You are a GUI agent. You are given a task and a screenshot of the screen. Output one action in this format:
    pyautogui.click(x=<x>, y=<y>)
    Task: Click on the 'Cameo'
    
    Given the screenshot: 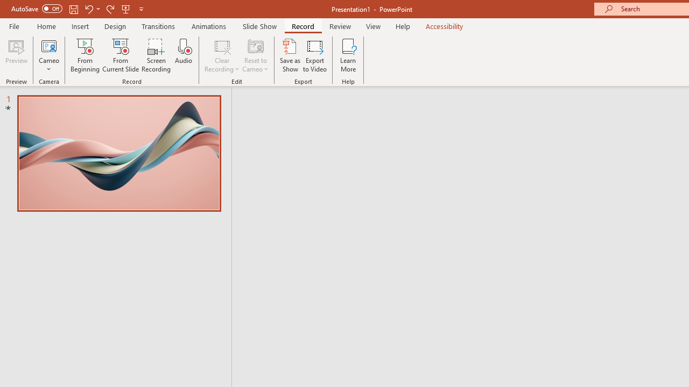 What is the action you would take?
    pyautogui.click(x=48, y=55)
    